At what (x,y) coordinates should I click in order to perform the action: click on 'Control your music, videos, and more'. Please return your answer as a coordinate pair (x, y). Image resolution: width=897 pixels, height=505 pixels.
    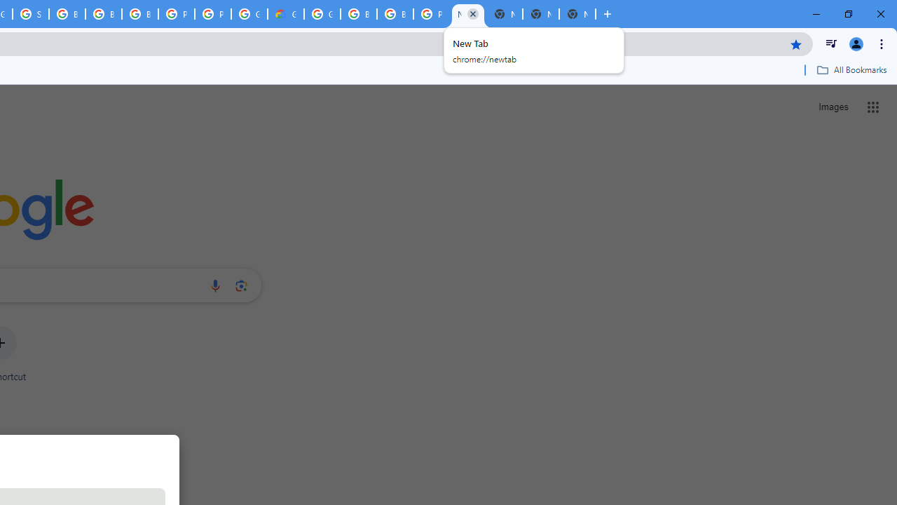
    Looking at the image, I should click on (830, 43).